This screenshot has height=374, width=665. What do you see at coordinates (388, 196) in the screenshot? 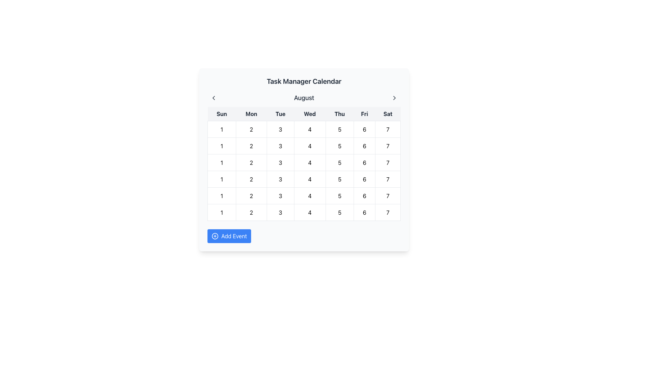
I see `the calendar date cell representing Saturday, which is located in the seventh column of the grid with the number '7'` at bounding box center [388, 196].